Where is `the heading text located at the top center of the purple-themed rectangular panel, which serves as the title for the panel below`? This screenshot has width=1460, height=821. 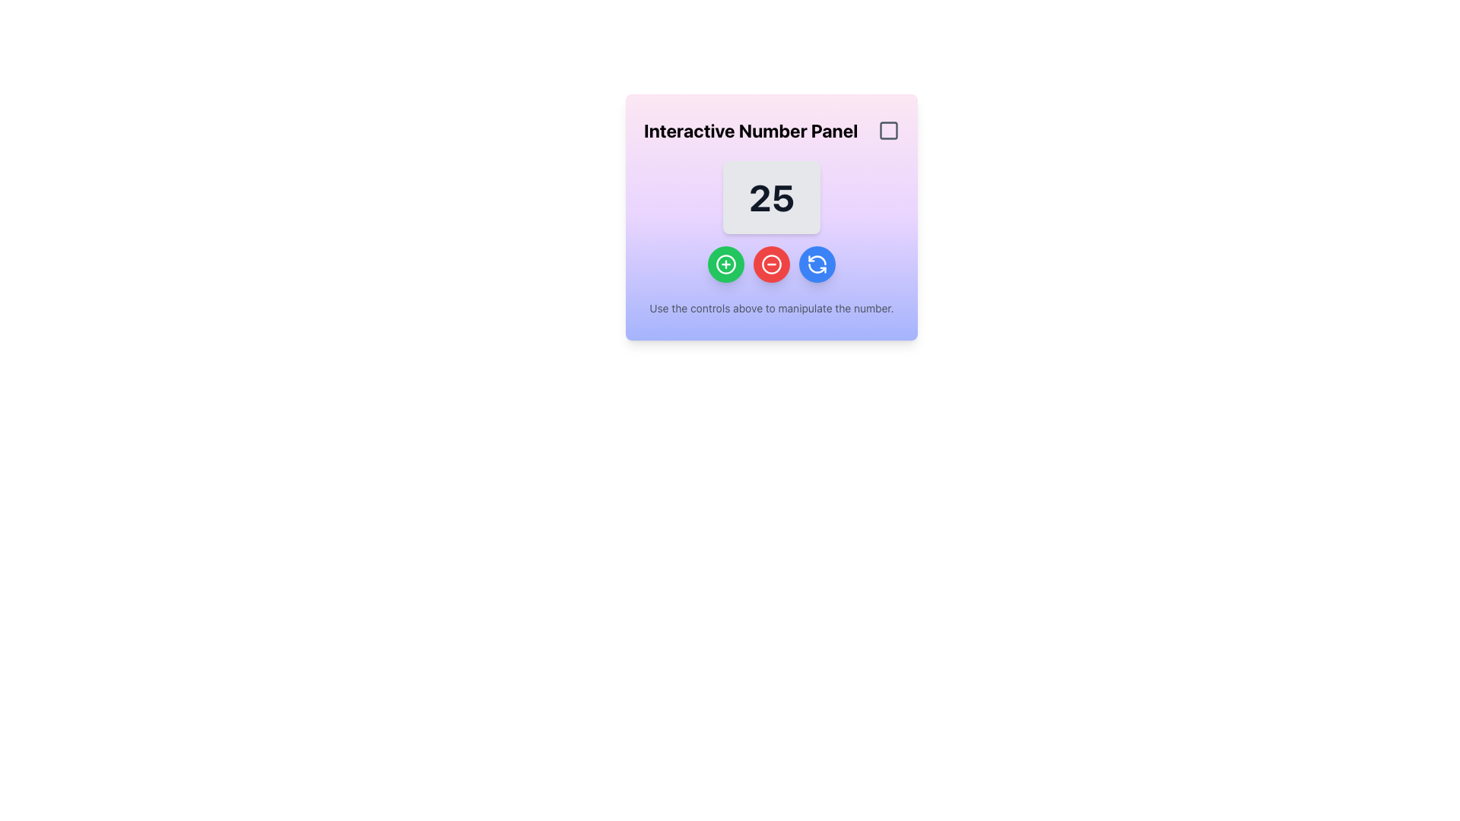
the heading text located at the top center of the purple-themed rectangular panel, which serves as the title for the panel below is located at coordinates (751, 130).